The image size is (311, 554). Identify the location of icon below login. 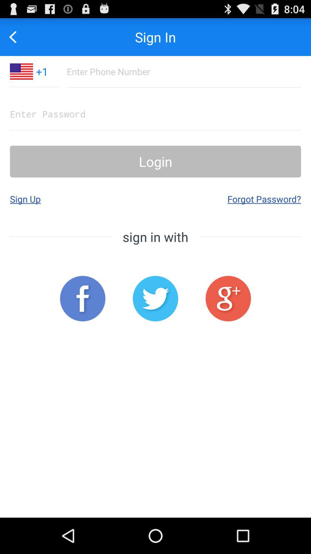
(25, 199).